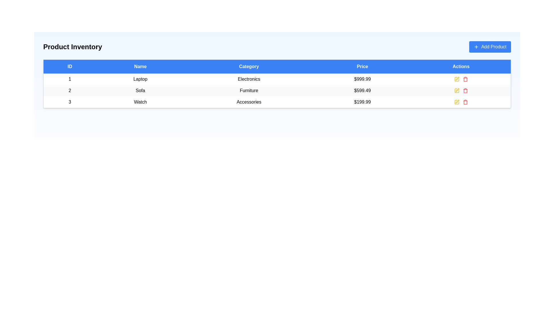 The height and width of the screenshot is (309, 550). What do you see at coordinates (69, 102) in the screenshot?
I see `the Text Display element that contains the number '3', located in the first column of the third row within a table layout` at bounding box center [69, 102].